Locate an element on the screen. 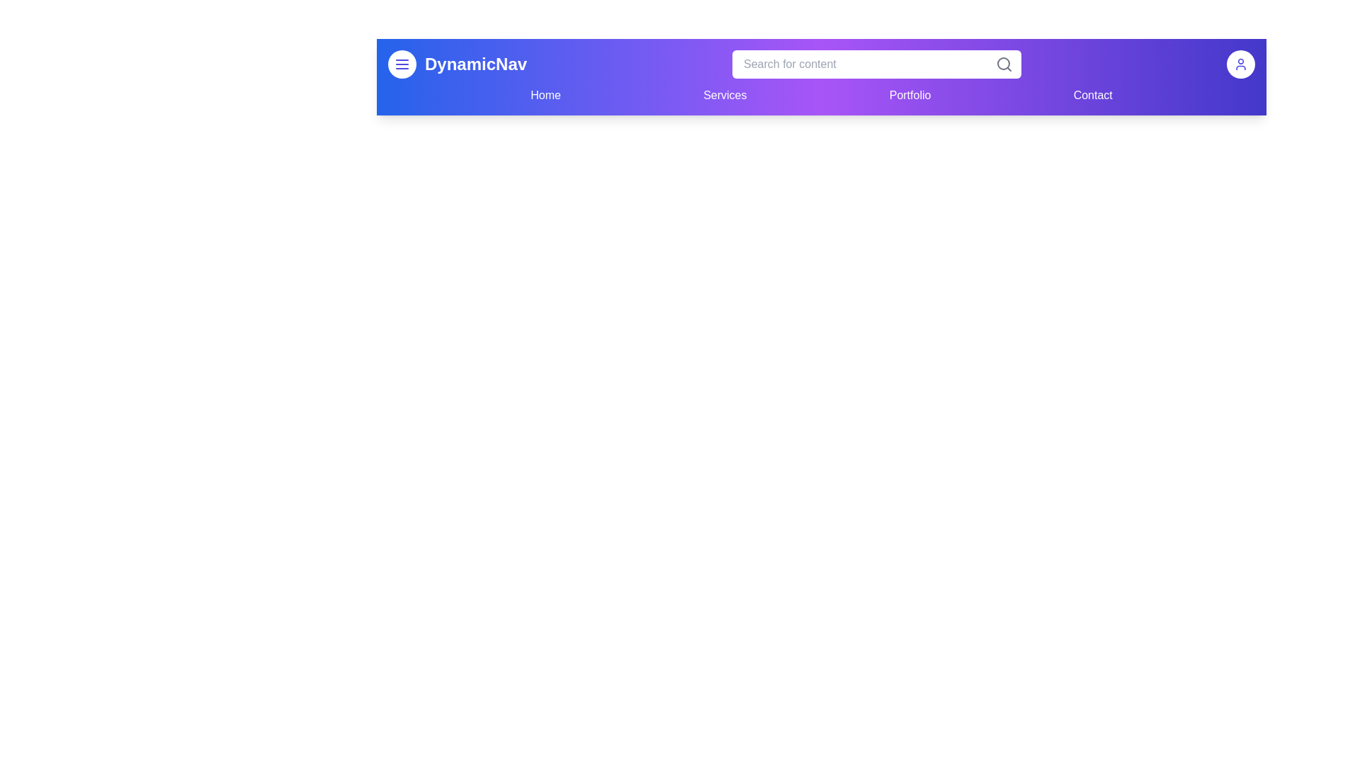 The height and width of the screenshot is (765, 1360). the user icon button to access the user account menu is located at coordinates (1240, 64).